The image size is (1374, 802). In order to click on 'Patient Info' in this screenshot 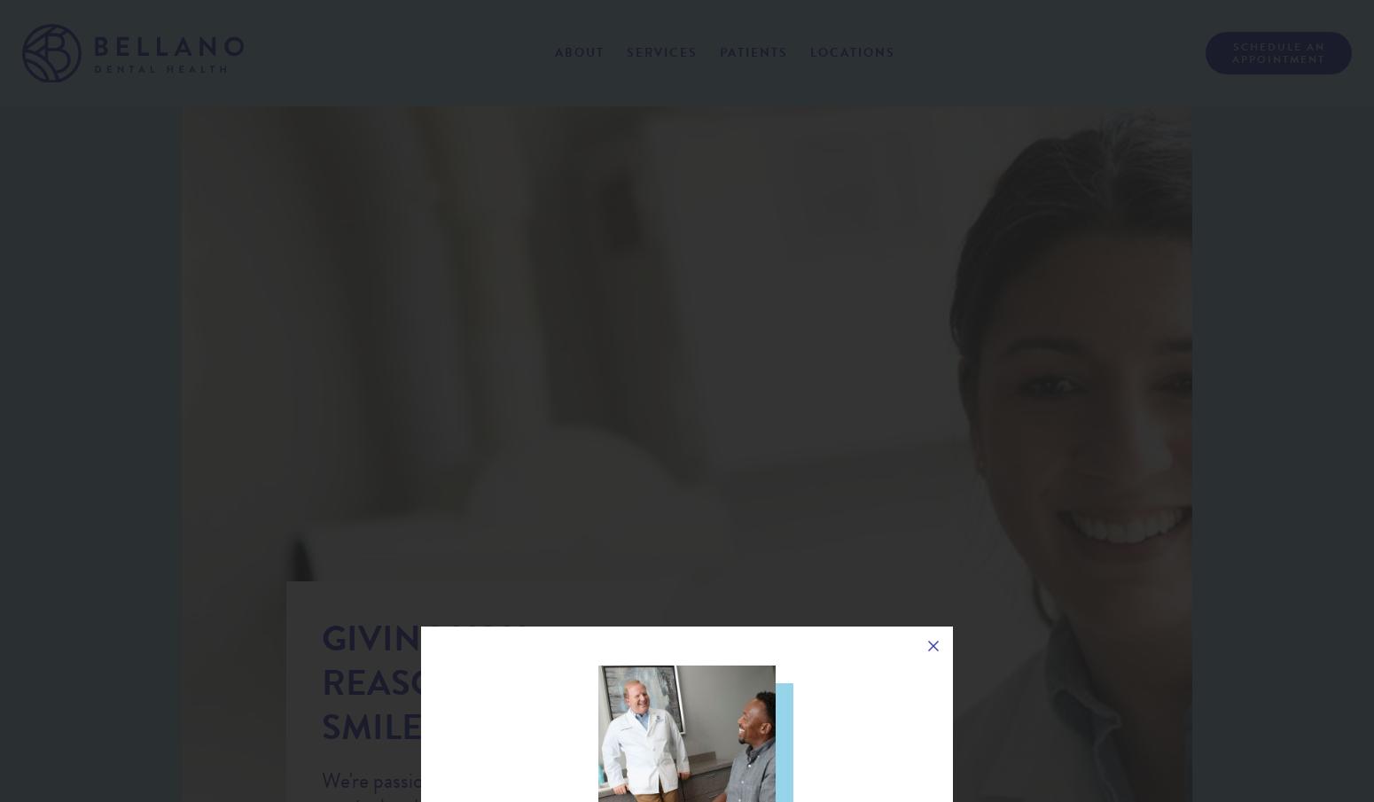, I will do `click(777, 82)`.